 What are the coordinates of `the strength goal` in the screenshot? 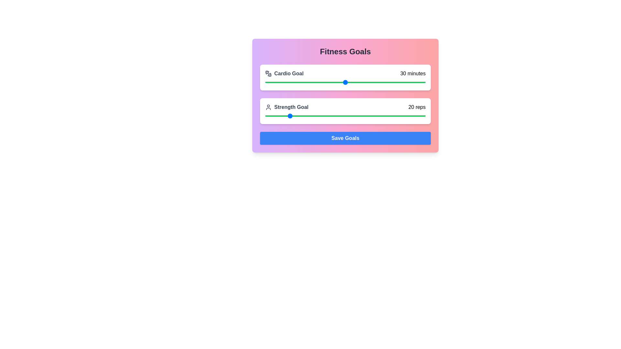 It's located at (325, 115).